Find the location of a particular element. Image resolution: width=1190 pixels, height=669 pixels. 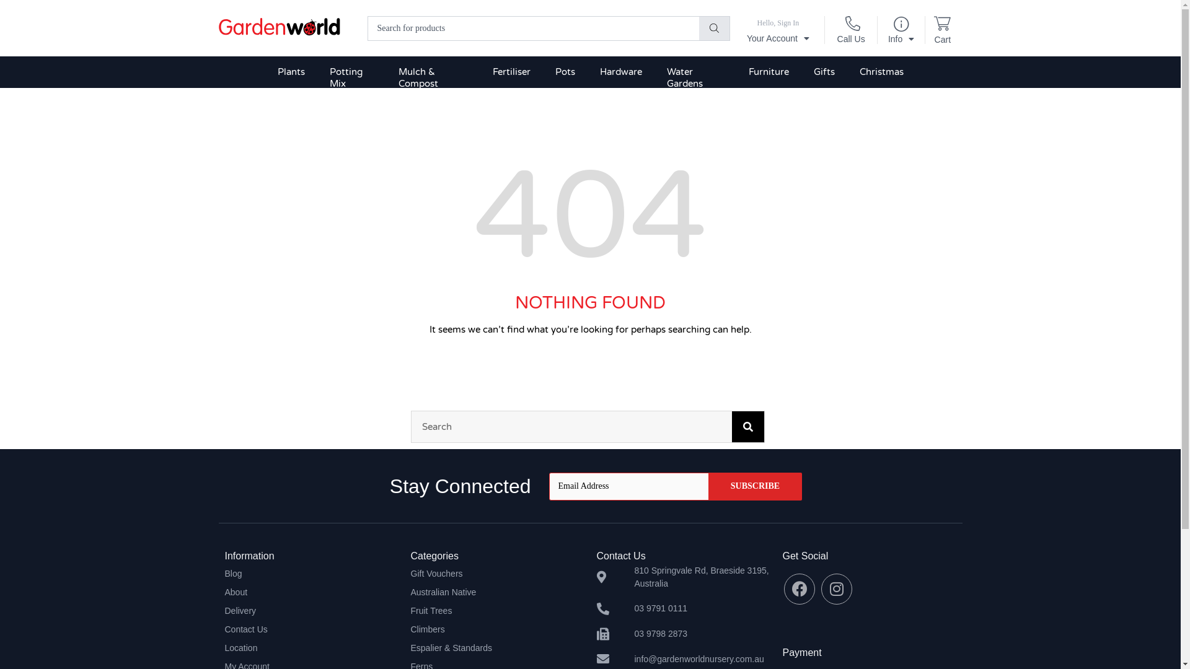

'Facebook' is located at coordinates (800, 588).